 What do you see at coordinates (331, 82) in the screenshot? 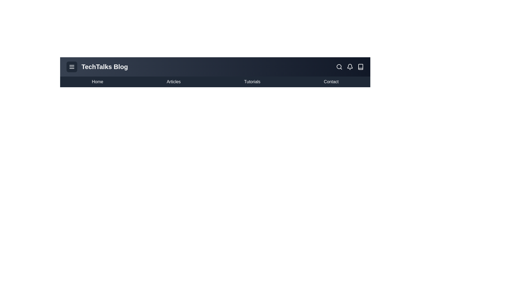
I see `the menu item Contact from the BlogAppBar` at bounding box center [331, 82].